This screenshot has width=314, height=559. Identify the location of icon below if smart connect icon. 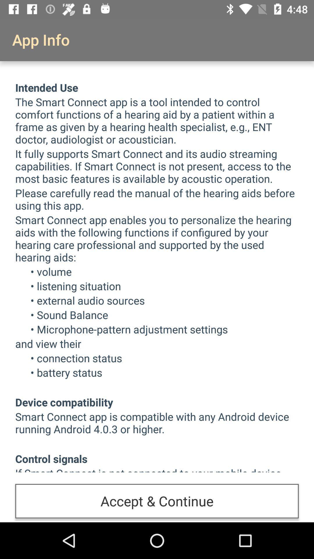
(157, 501).